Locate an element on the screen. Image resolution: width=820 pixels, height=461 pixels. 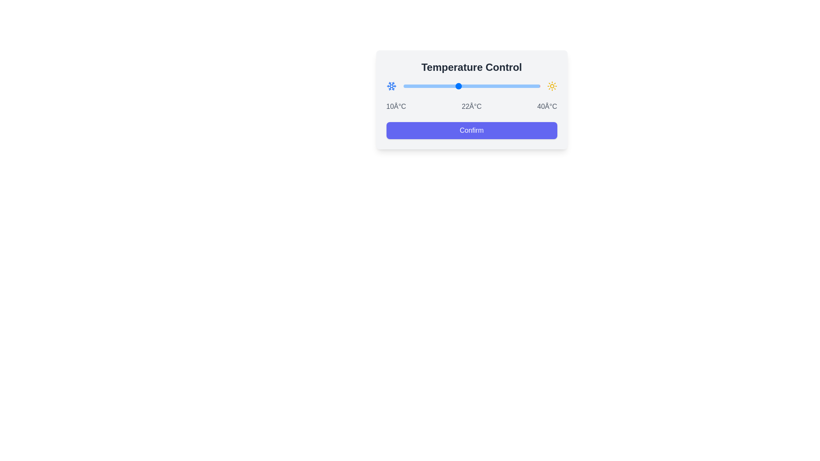
the temperature slider to set the temperature to 21°C is located at coordinates (453, 86).